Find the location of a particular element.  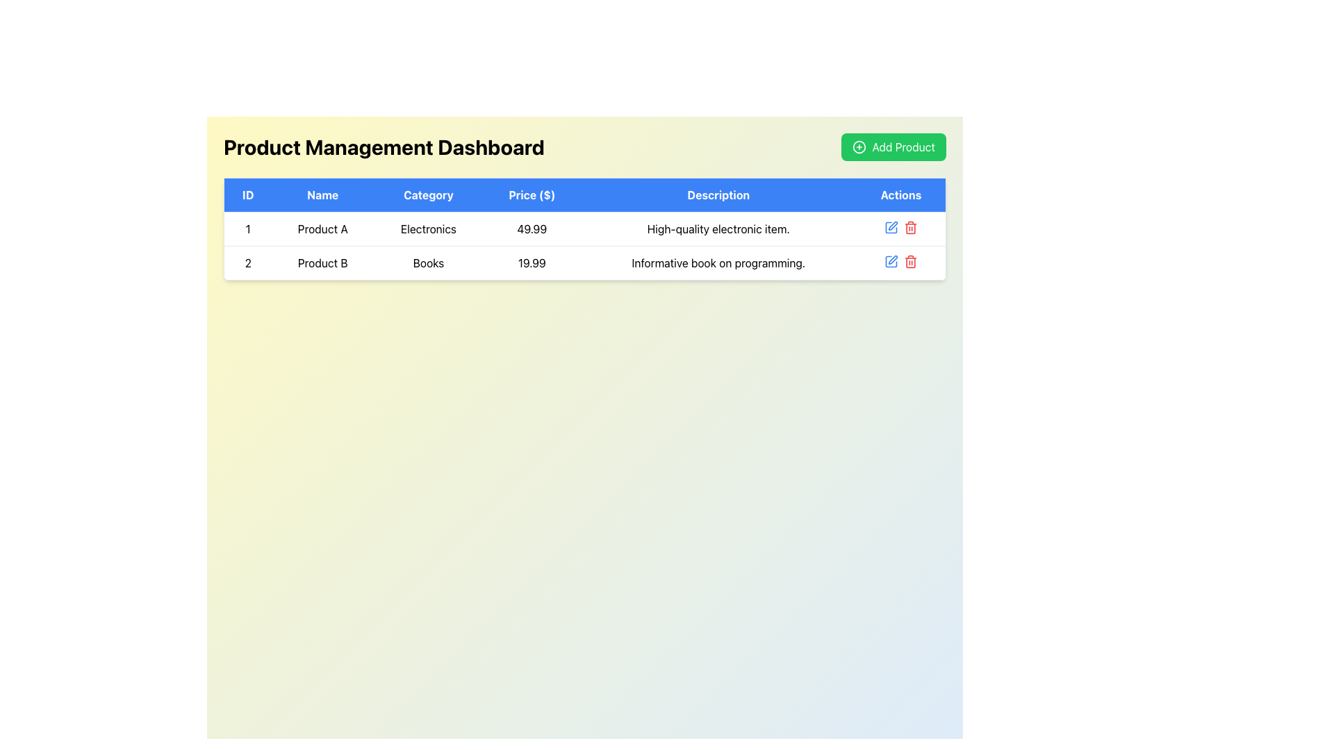

the header text for the 'Description' column, which is the fifth column header in the table, located at the upper-center of the interface is located at coordinates (718, 195).